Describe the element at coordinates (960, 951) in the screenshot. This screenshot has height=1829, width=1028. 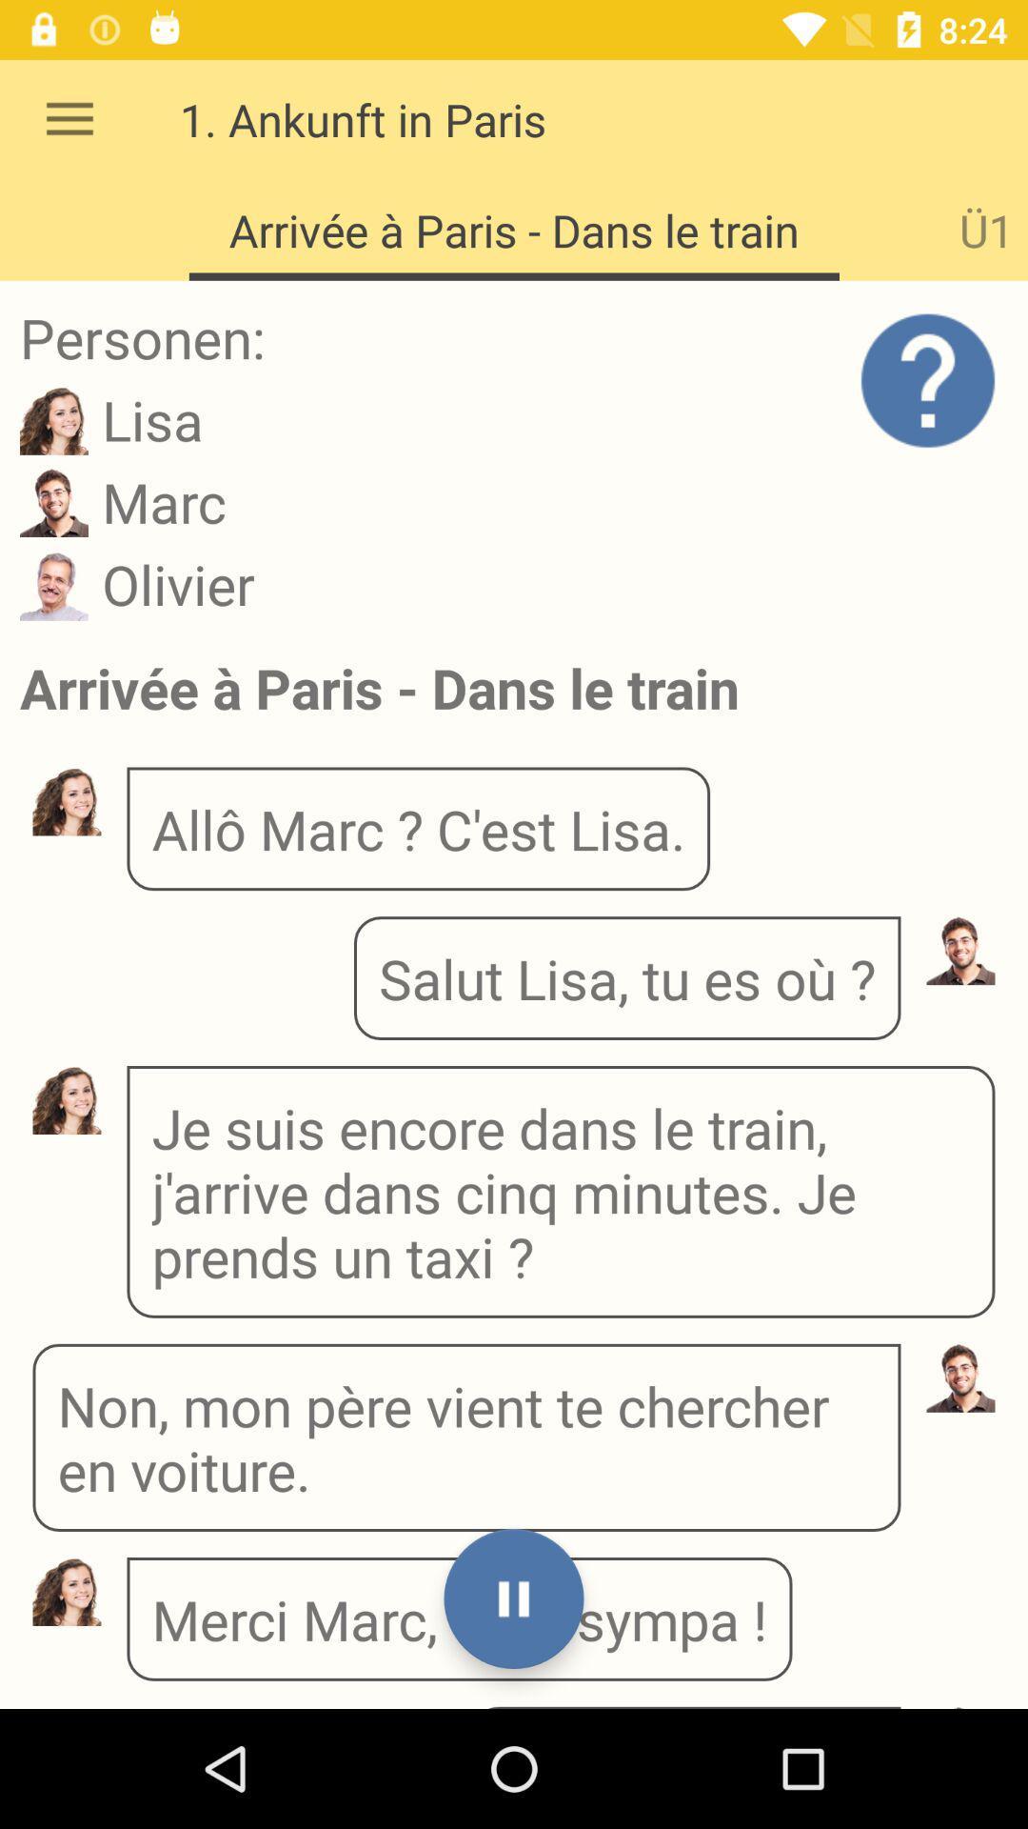
I see `the avatar icon` at that location.